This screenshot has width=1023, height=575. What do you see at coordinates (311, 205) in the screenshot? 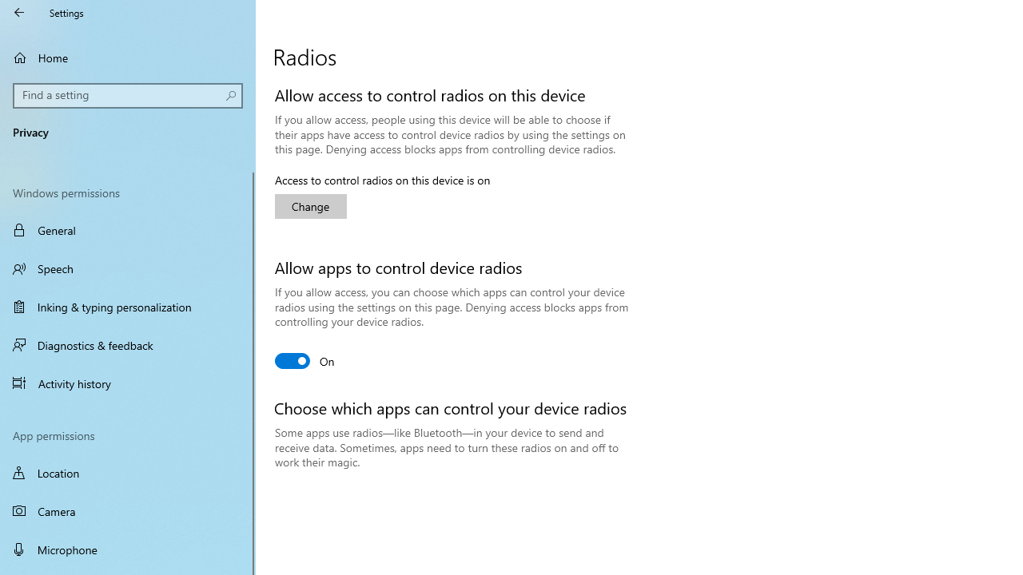
I see `'Change'` at bounding box center [311, 205].